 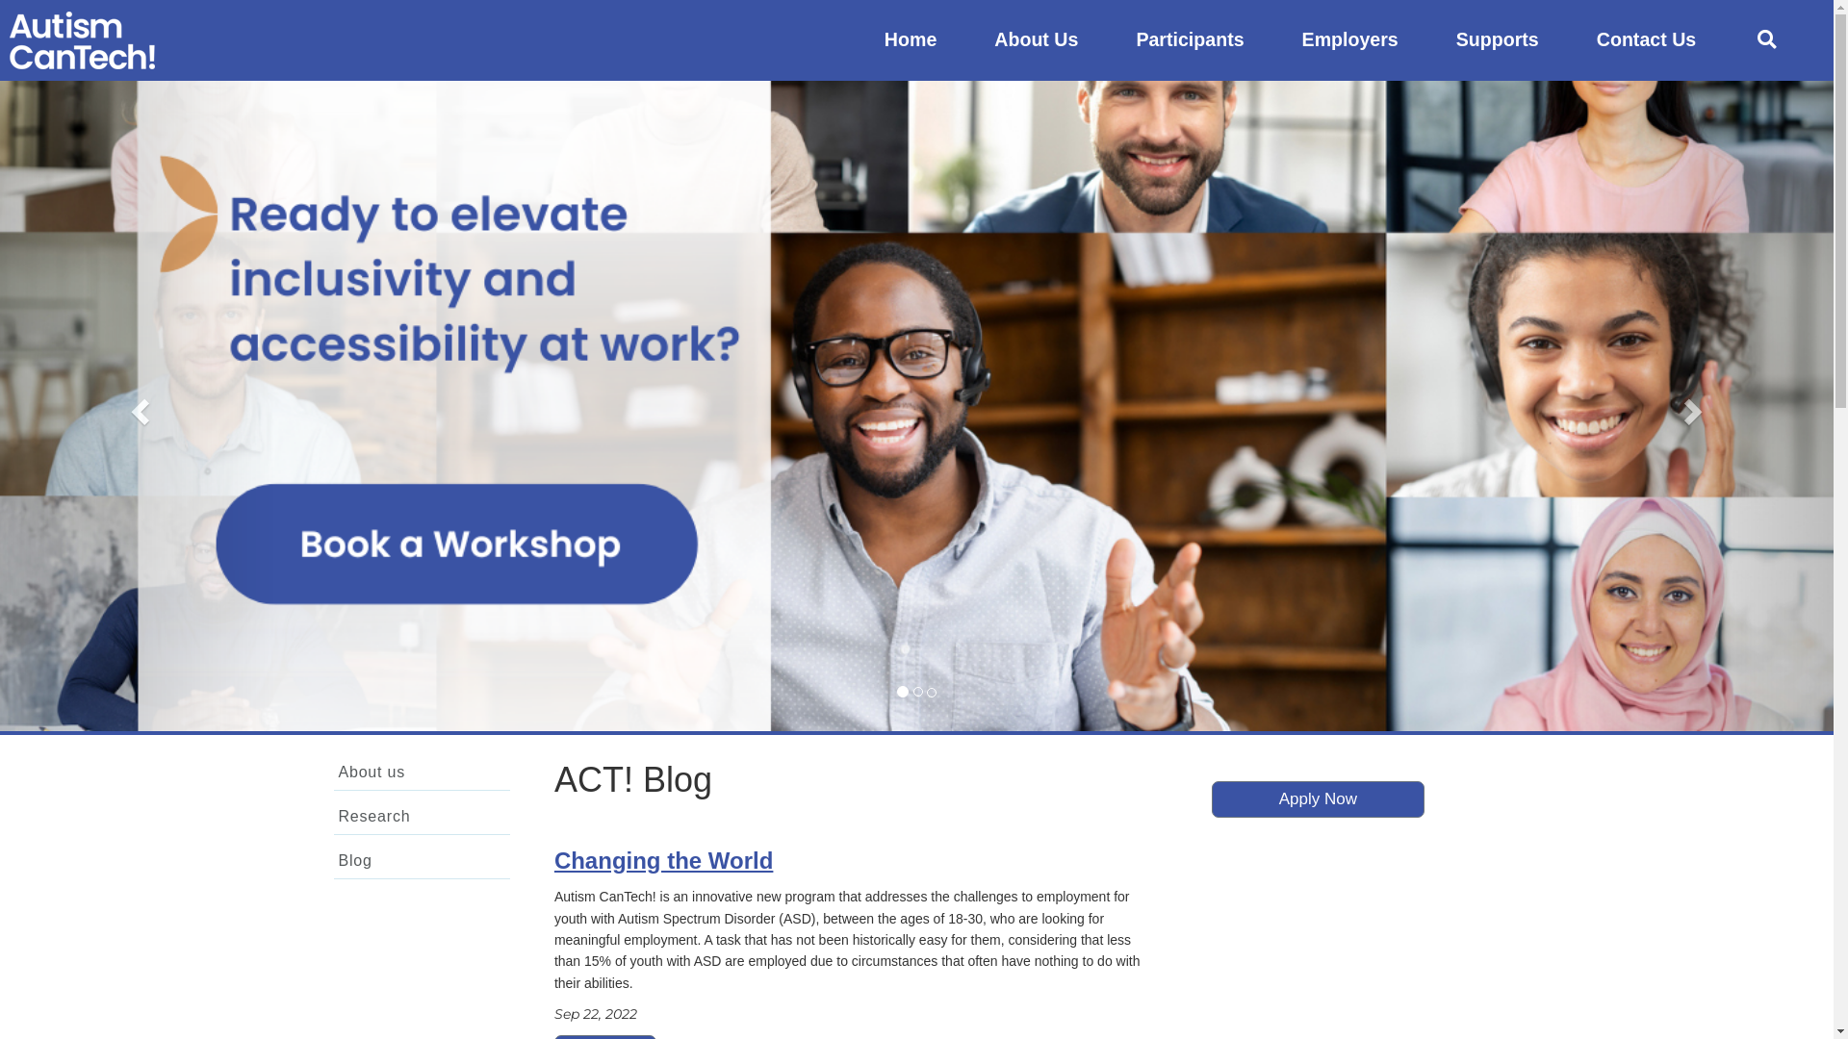 What do you see at coordinates (420, 860) in the screenshot?
I see `'Blog'` at bounding box center [420, 860].